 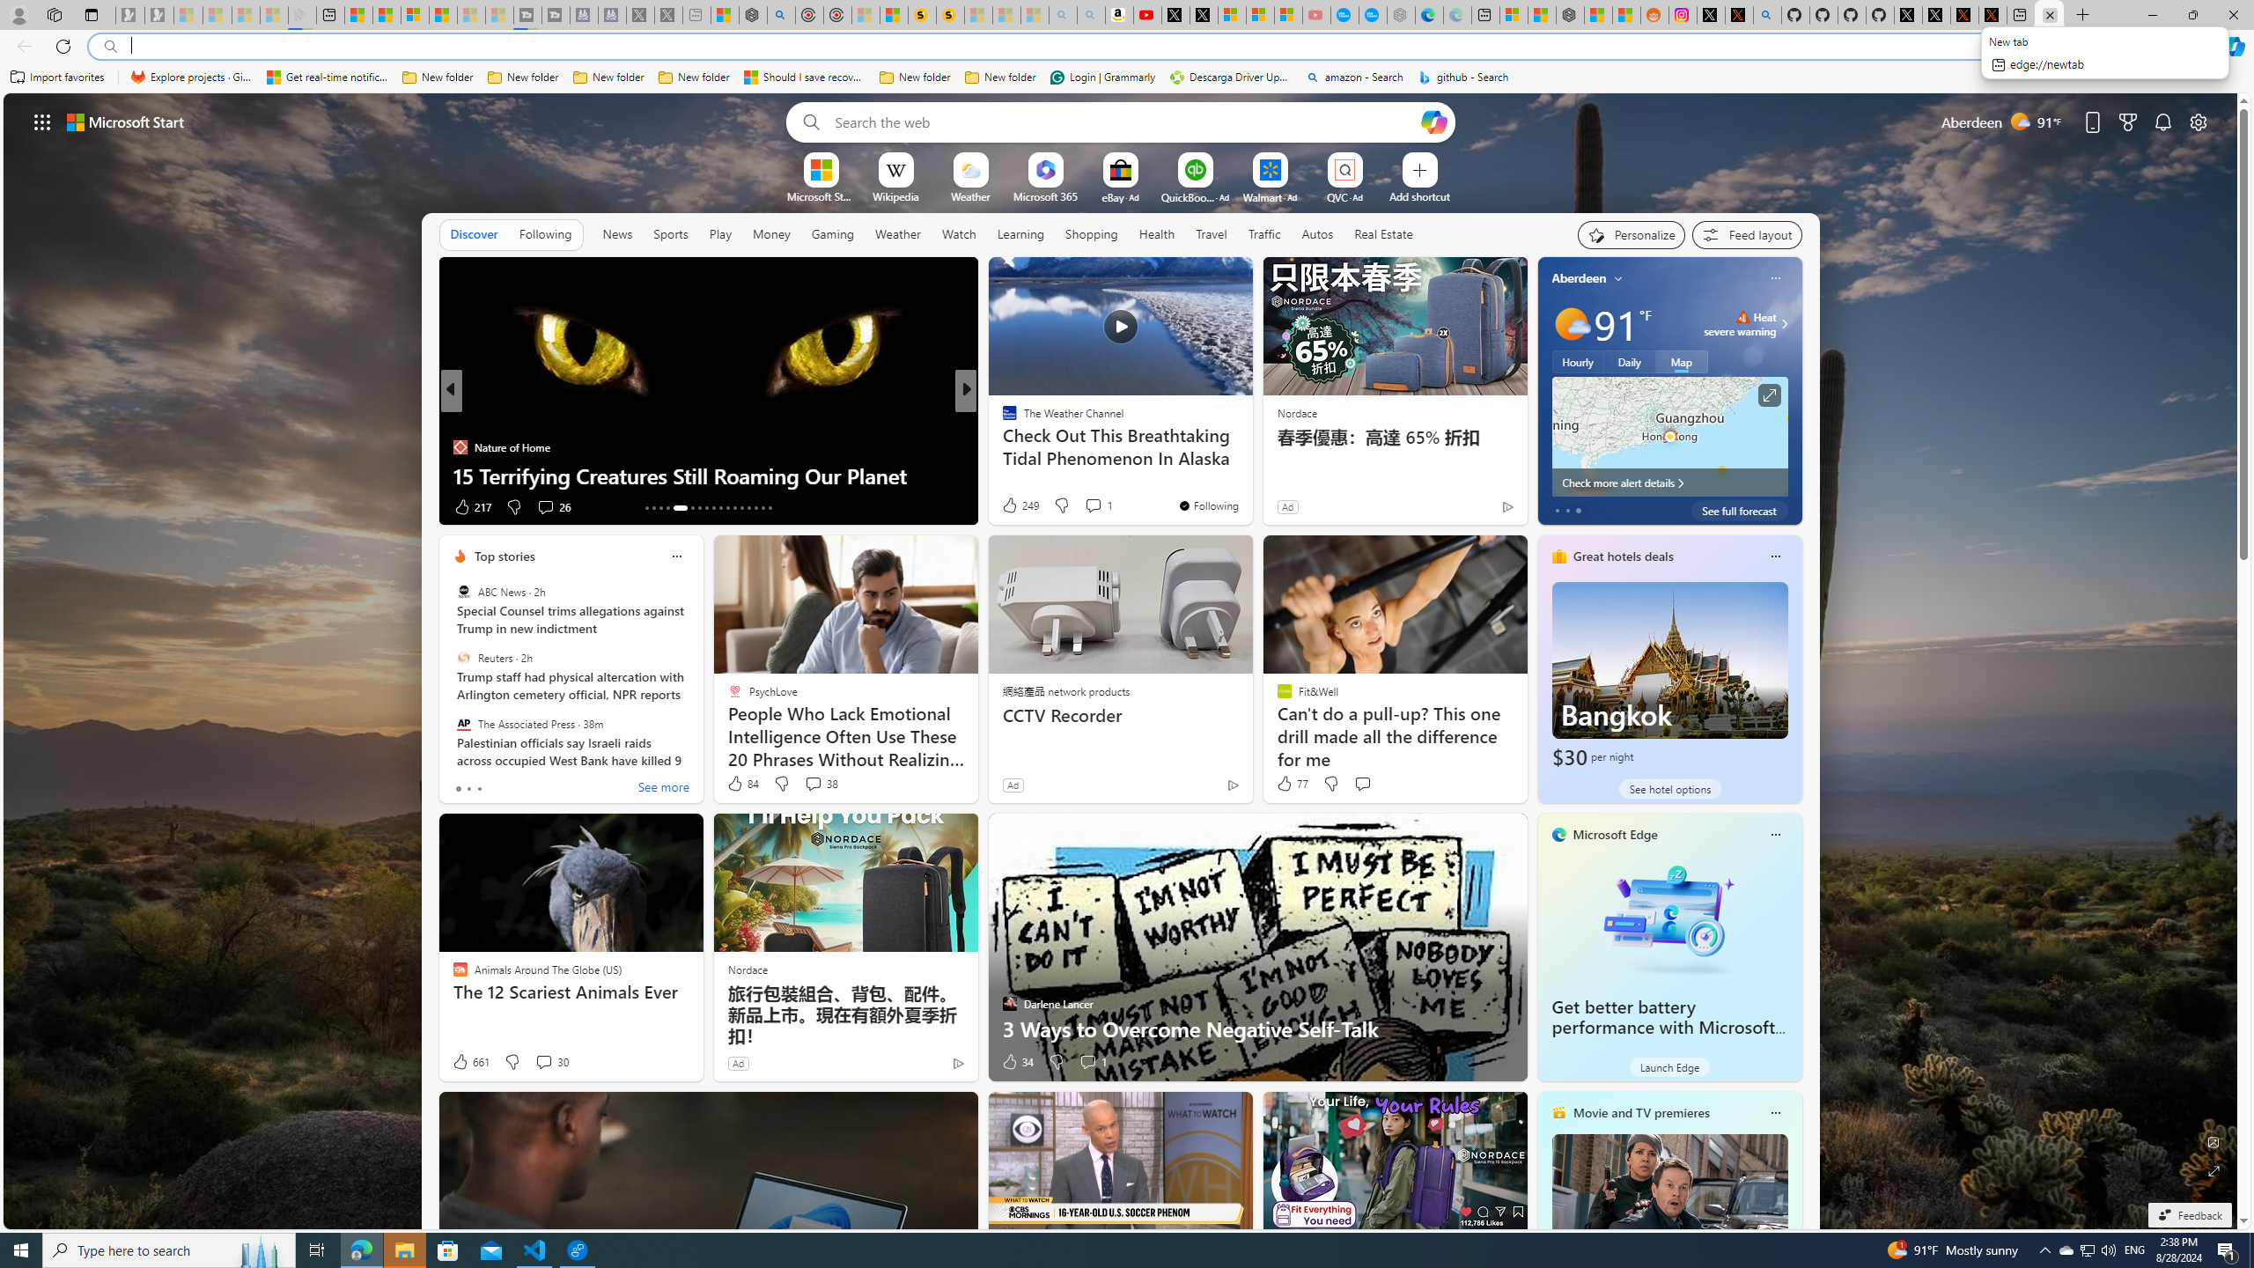 What do you see at coordinates (1087, 506) in the screenshot?
I see `'View comments 5 Comment'` at bounding box center [1087, 506].